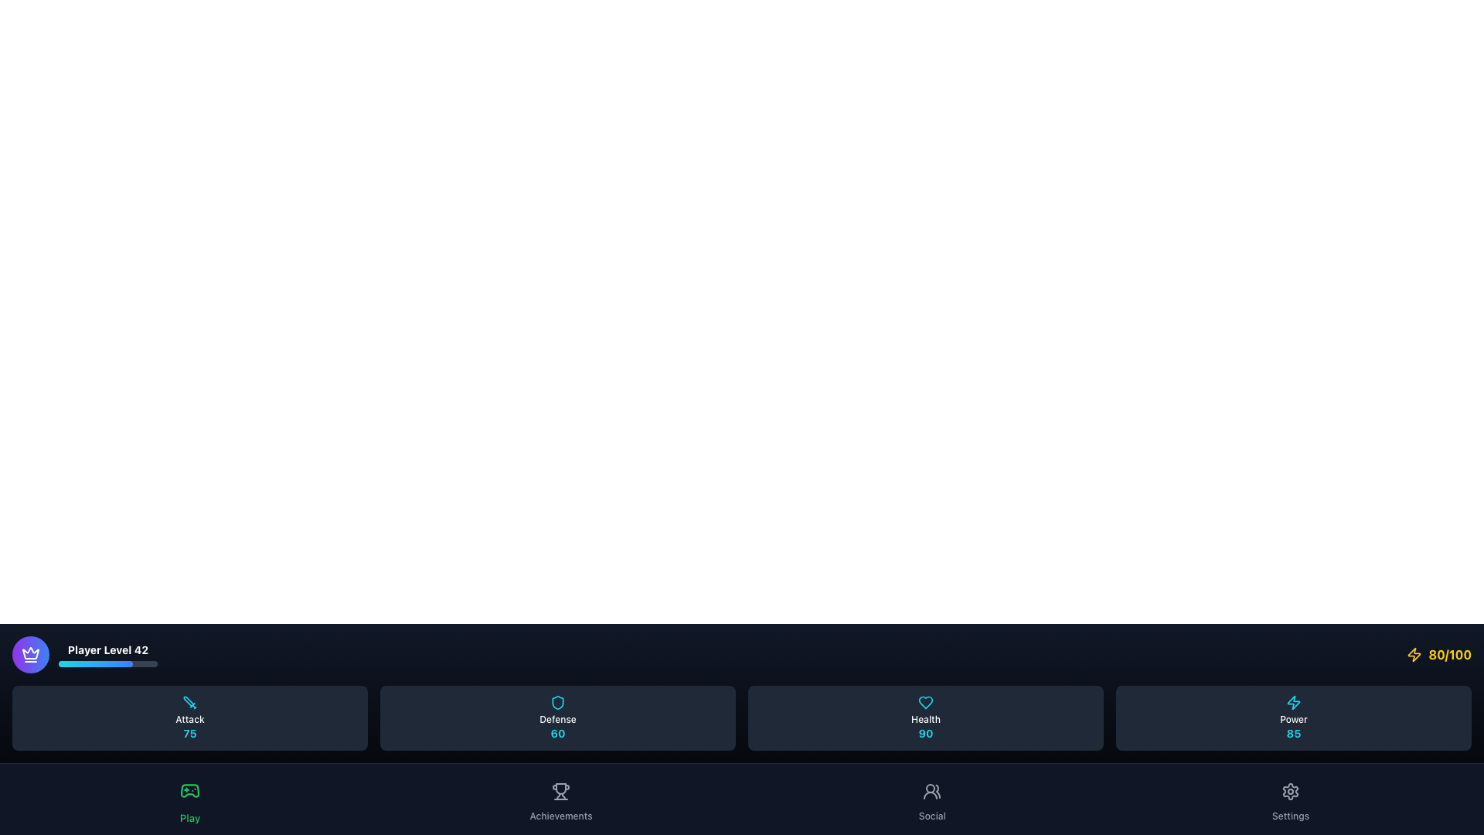 Image resolution: width=1484 pixels, height=835 pixels. What do you see at coordinates (560, 791) in the screenshot?
I see `the trophy icon button located` at bounding box center [560, 791].